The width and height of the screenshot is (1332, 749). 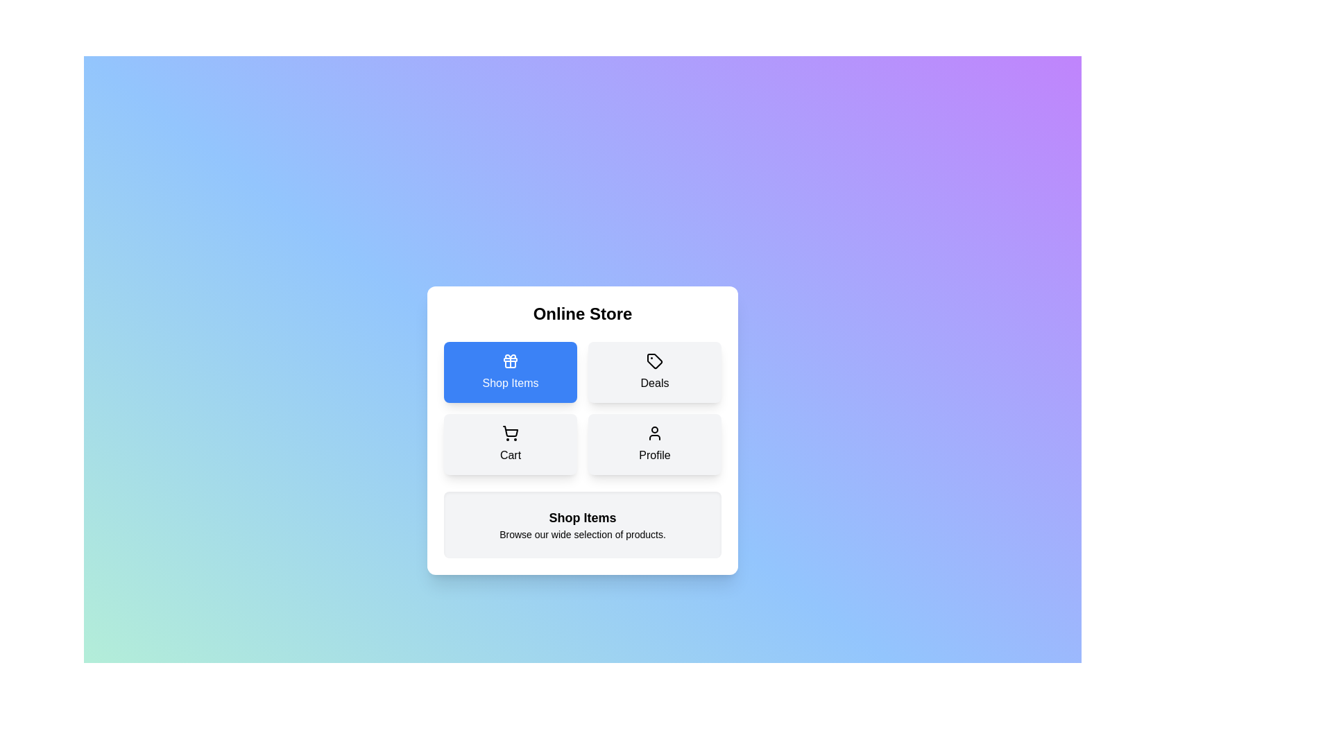 I want to click on the Shop Items button to observe its hover effect, so click(x=509, y=371).